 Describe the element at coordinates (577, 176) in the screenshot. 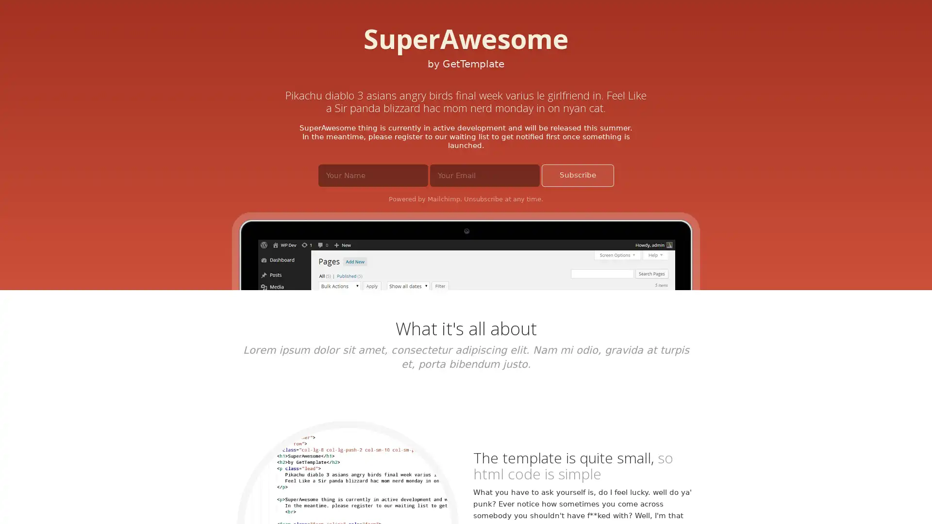

I see `Subscribe` at that location.